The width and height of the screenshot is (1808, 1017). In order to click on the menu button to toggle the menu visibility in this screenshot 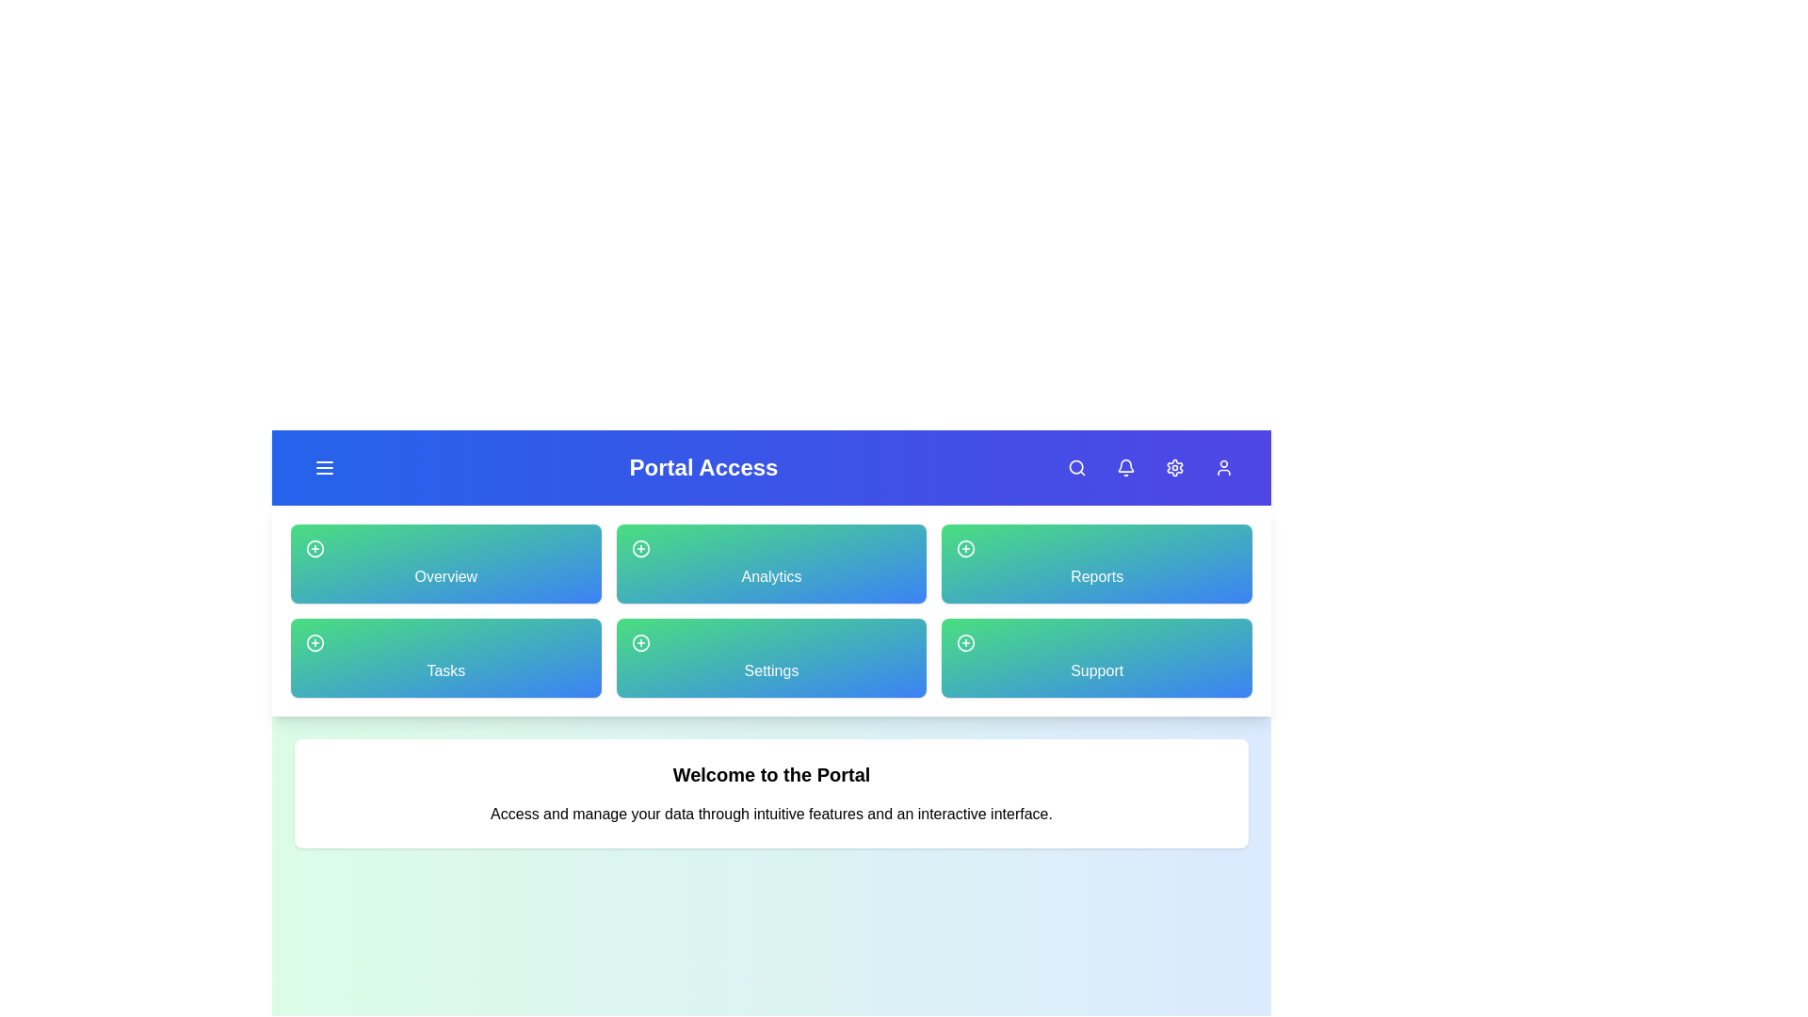, I will do `click(325, 467)`.